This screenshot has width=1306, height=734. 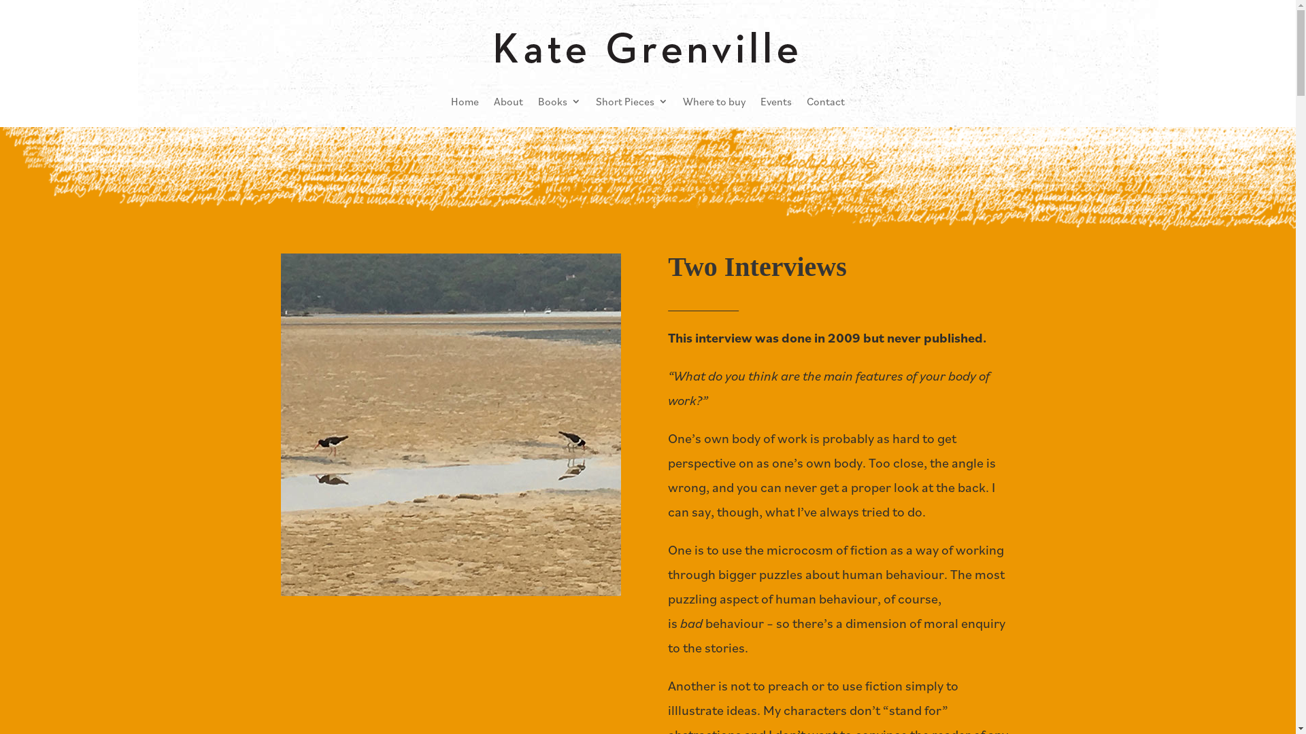 What do you see at coordinates (825, 101) in the screenshot?
I see `'Contact'` at bounding box center [825, 101].